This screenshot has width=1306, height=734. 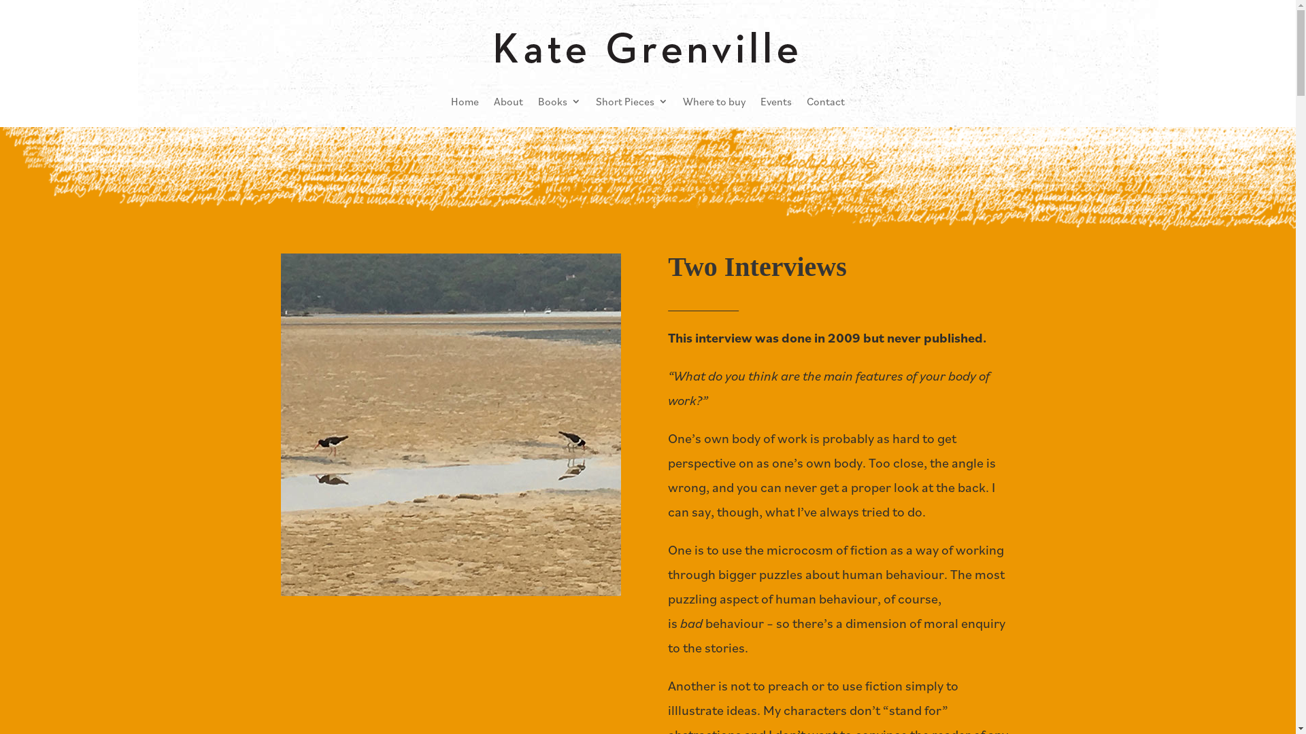 What do you see at coordinates (825, 101) in the screenshot?
I see `'Contact'` at bounding box center [825, 101].